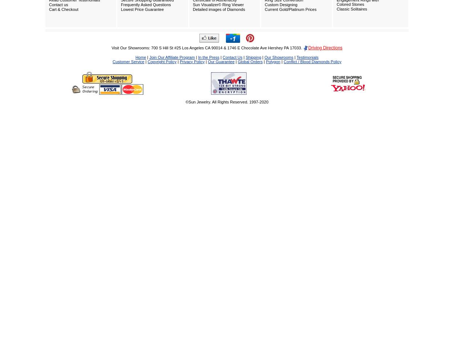 This screenshot has width=454, height=363. Describe the element at coordinates (192, 61) in the screenshot. I see `'Privacy Policy'` at that location.